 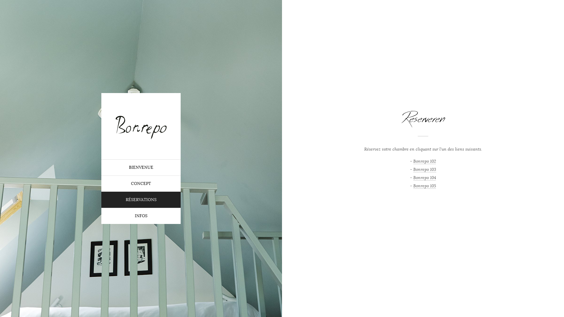 What do you see at coordinates (424, 169) in the screenshot?
I see `'Bonrepo 103'` at bounding box center [424, 169].